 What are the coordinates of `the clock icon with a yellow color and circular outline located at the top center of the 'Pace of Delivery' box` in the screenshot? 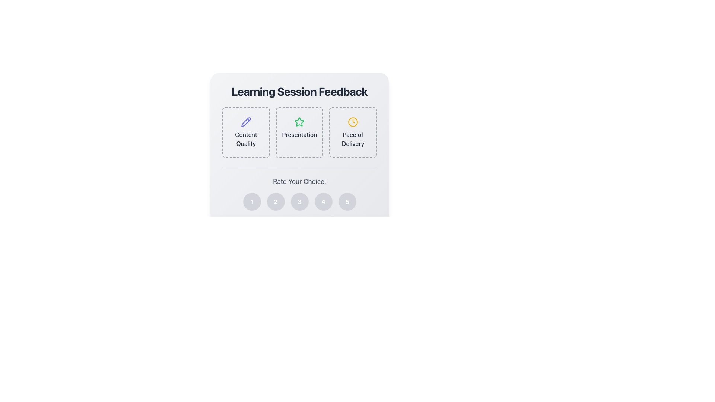 It's located at (353, 121).